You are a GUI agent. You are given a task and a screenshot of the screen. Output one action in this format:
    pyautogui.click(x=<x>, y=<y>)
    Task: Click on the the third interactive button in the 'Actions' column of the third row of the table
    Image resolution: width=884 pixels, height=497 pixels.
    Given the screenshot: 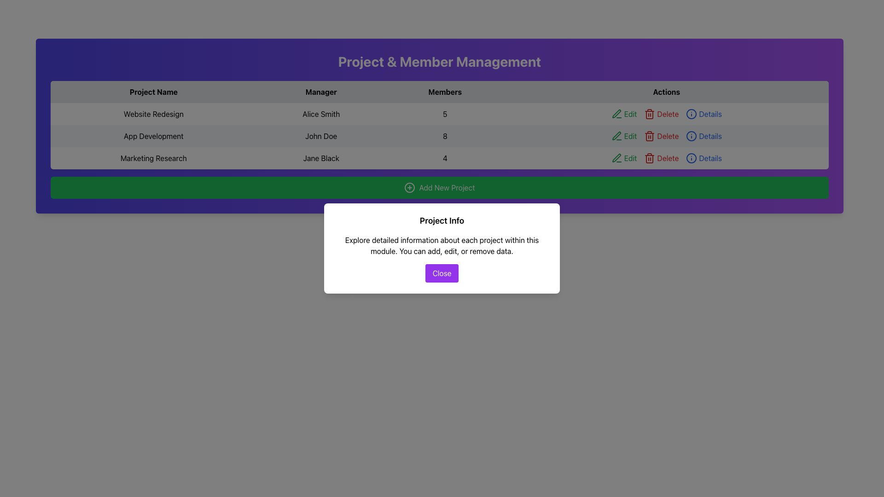 What is the action you would take?
    pyautogui.click(x=704, y=113)
    